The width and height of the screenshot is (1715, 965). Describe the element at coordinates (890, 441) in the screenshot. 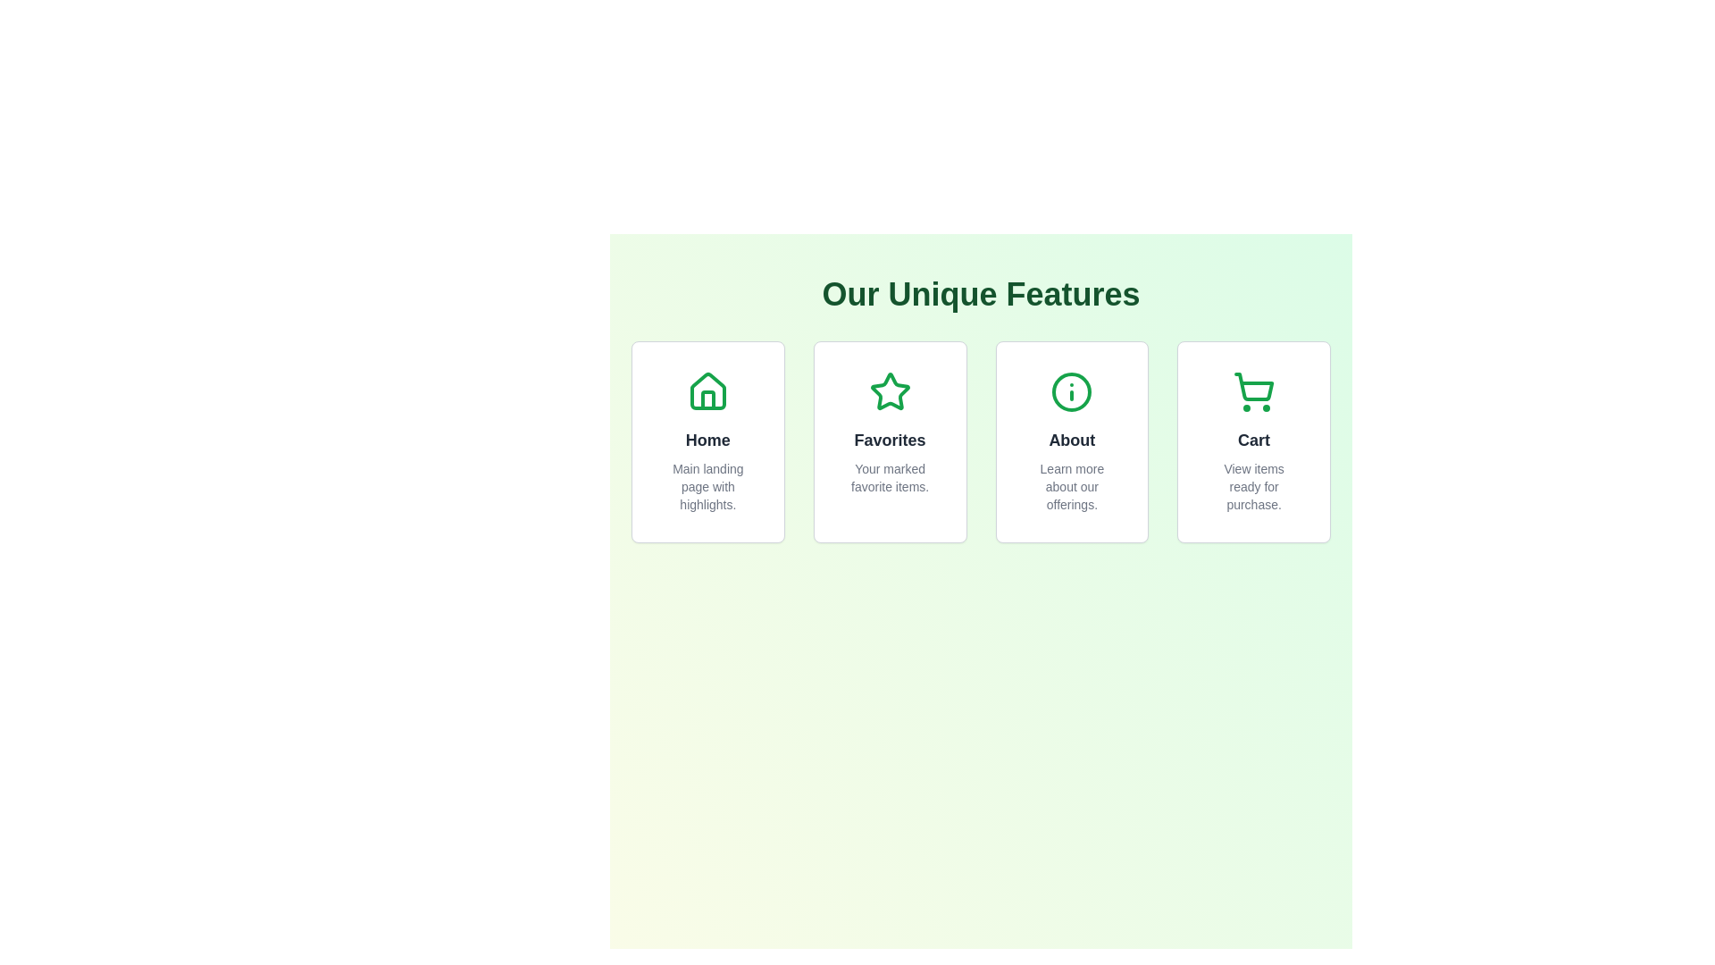

I see `the 'Favorites' clickable card or button` at that location.